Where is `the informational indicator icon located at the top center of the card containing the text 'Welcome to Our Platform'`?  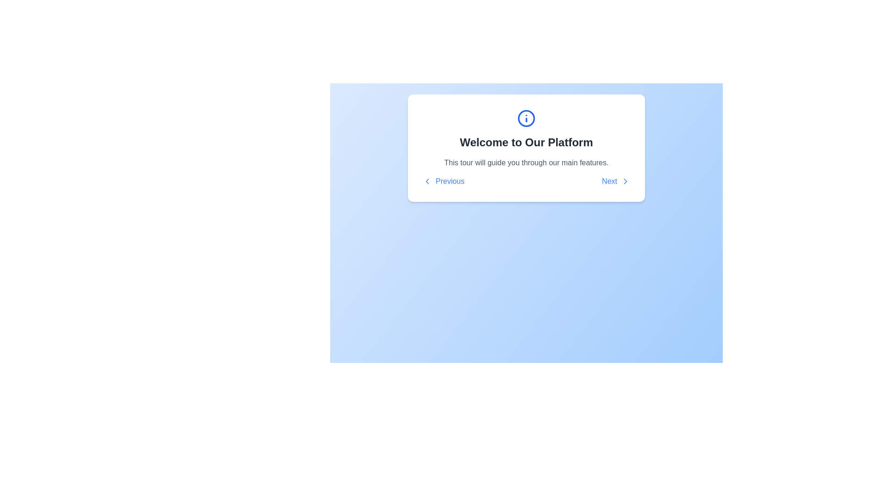 the informational indicator icon located at the top center of the card containing the text 'Welcome to Our Platform' is located at coordinates (526, 118).